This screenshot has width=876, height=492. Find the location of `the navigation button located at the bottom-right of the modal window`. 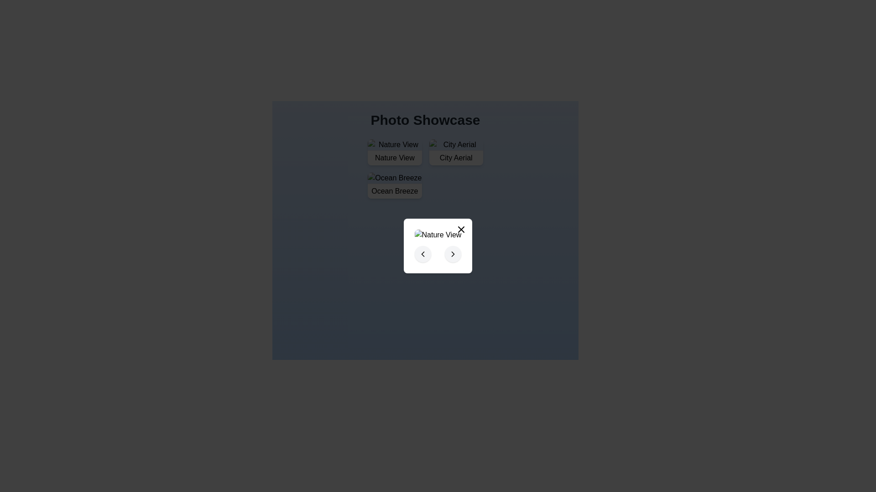

the navigation button located at the bottom-right of the modal window is located at coordinates (453, 254).